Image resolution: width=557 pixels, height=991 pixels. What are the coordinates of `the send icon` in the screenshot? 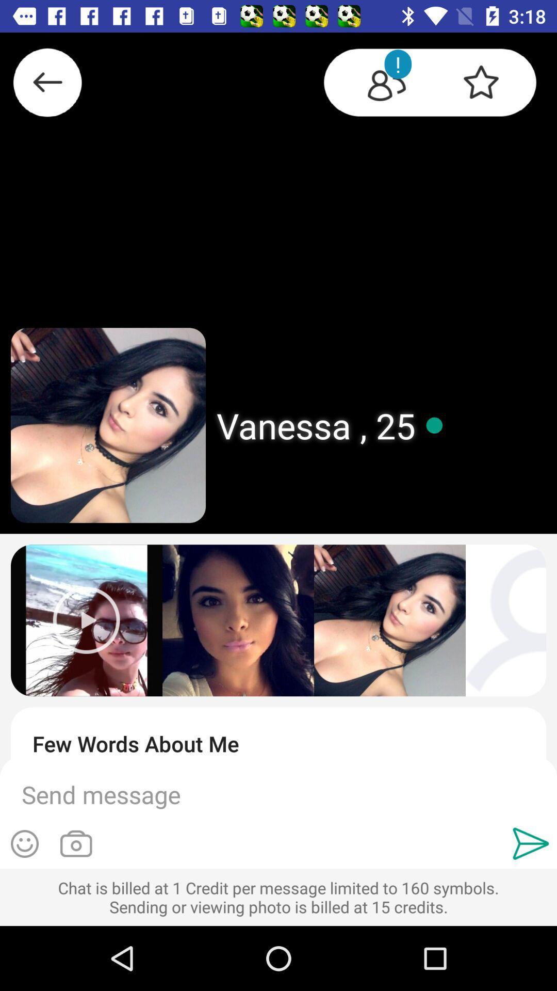 It's located at (531, 843).